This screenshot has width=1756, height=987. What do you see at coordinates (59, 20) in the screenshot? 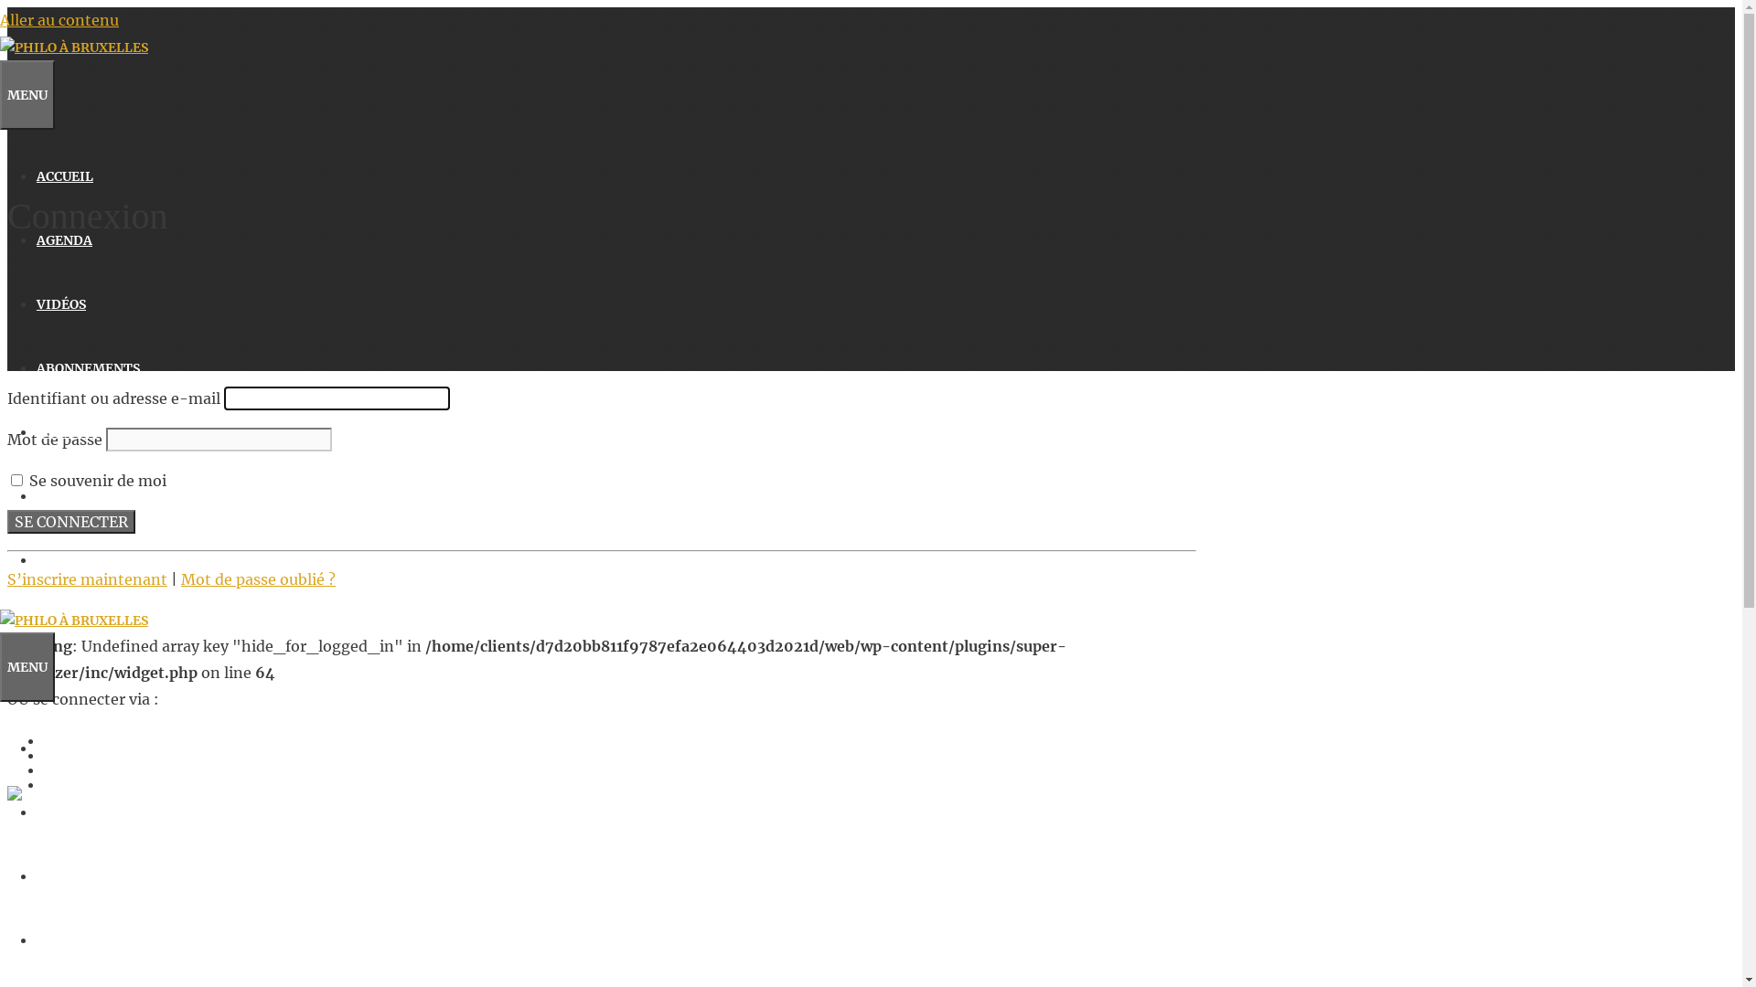
I see `'Aller au contenu'` at bounding box center [59, 20].